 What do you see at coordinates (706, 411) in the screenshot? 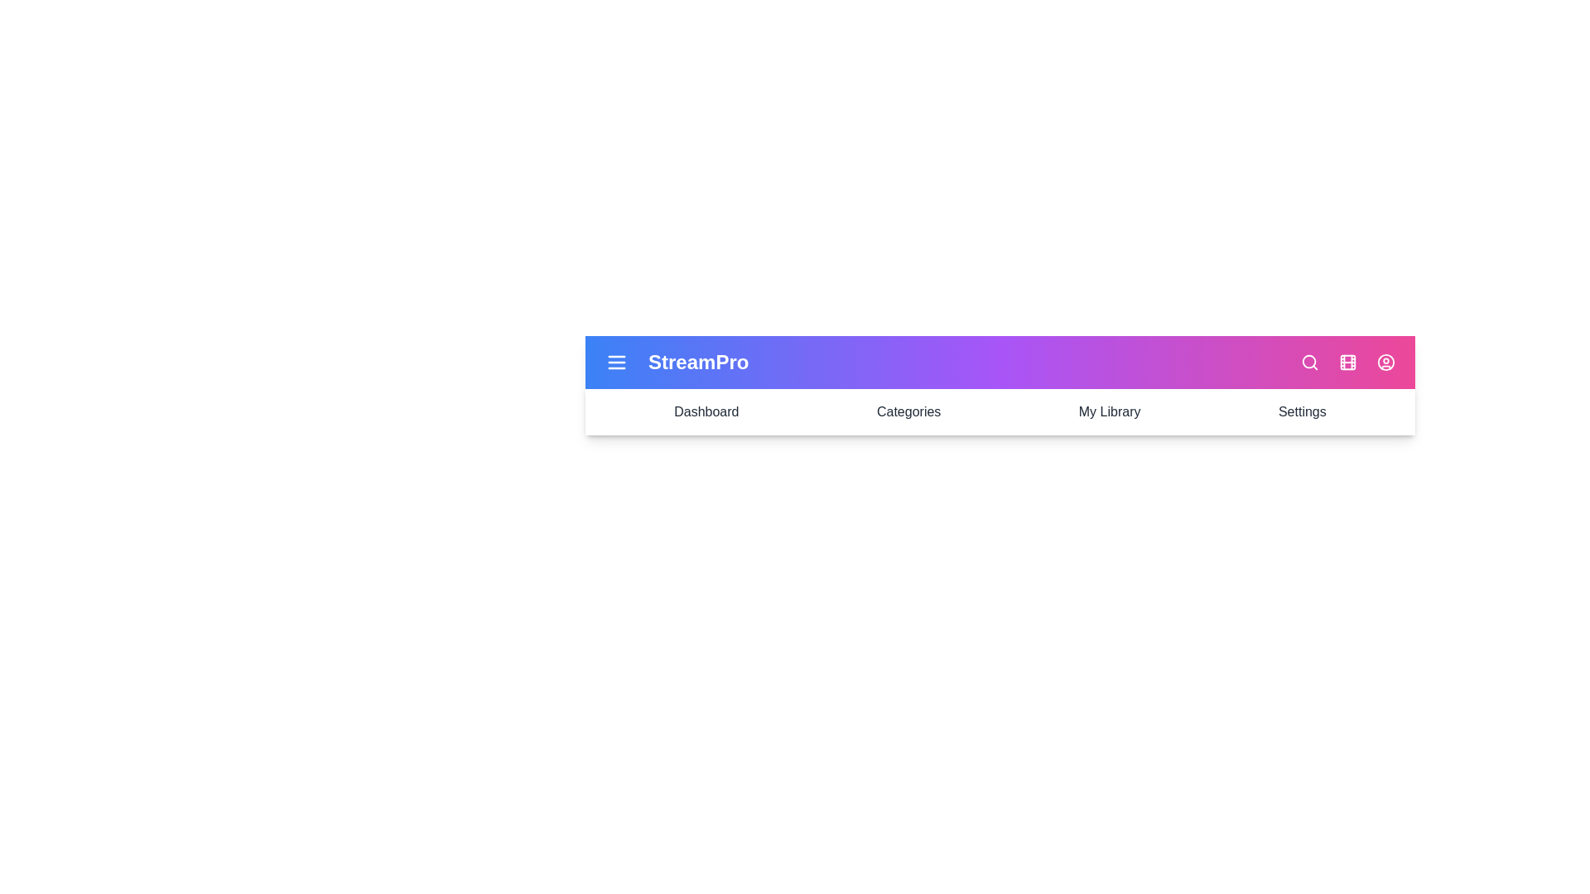
I see `the menu item Dashboard` at bounding box center [706, 411].